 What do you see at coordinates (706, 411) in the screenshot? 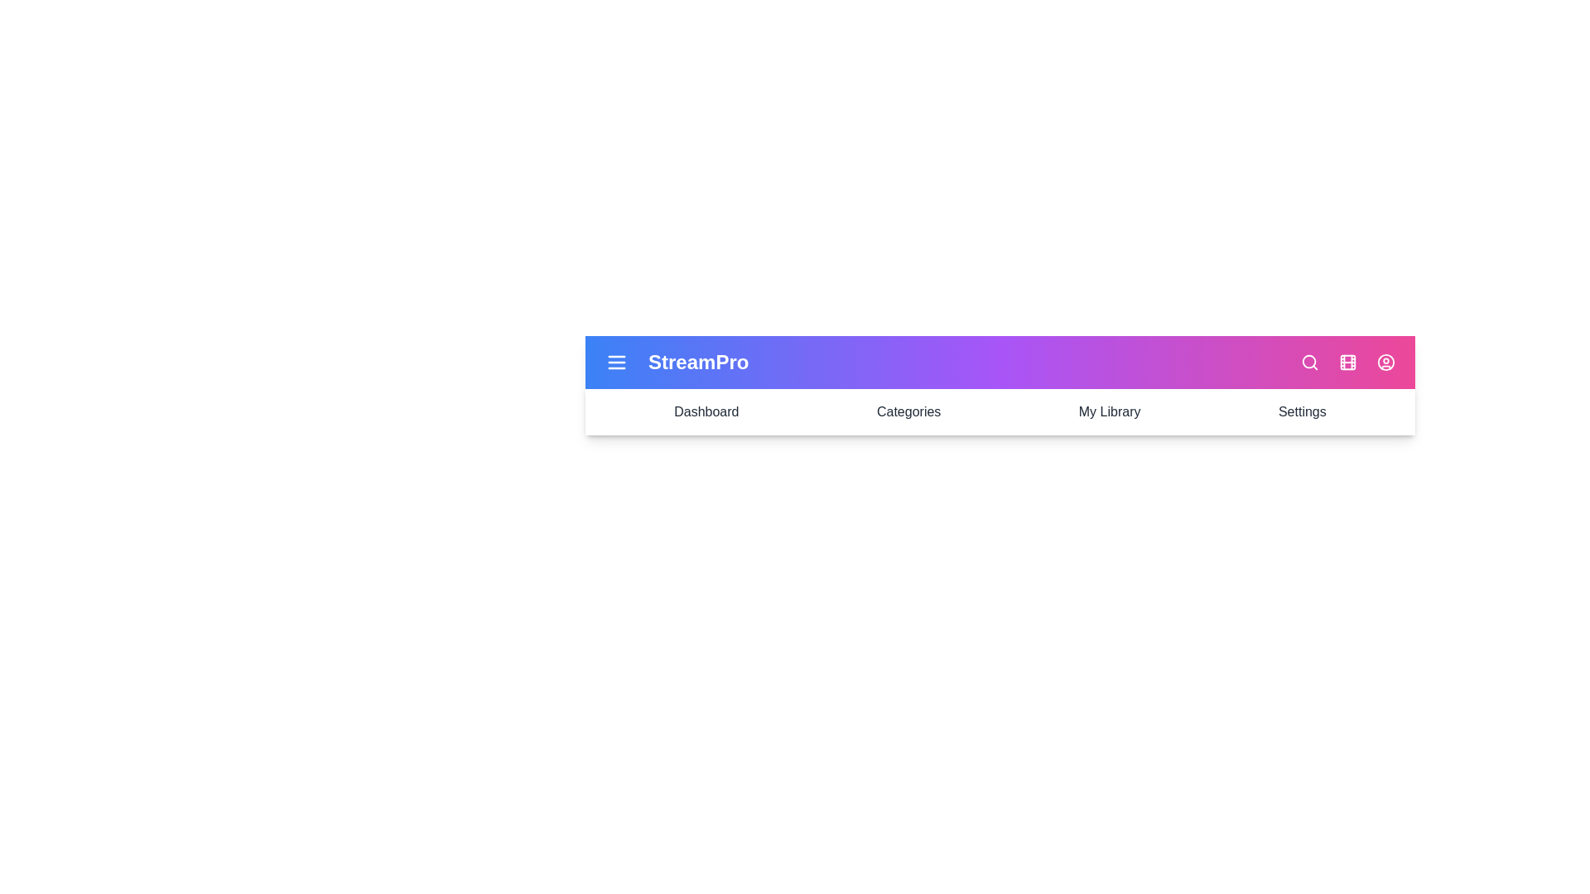
I see `the menu item Dashboard` at bounding box center [706, 411].